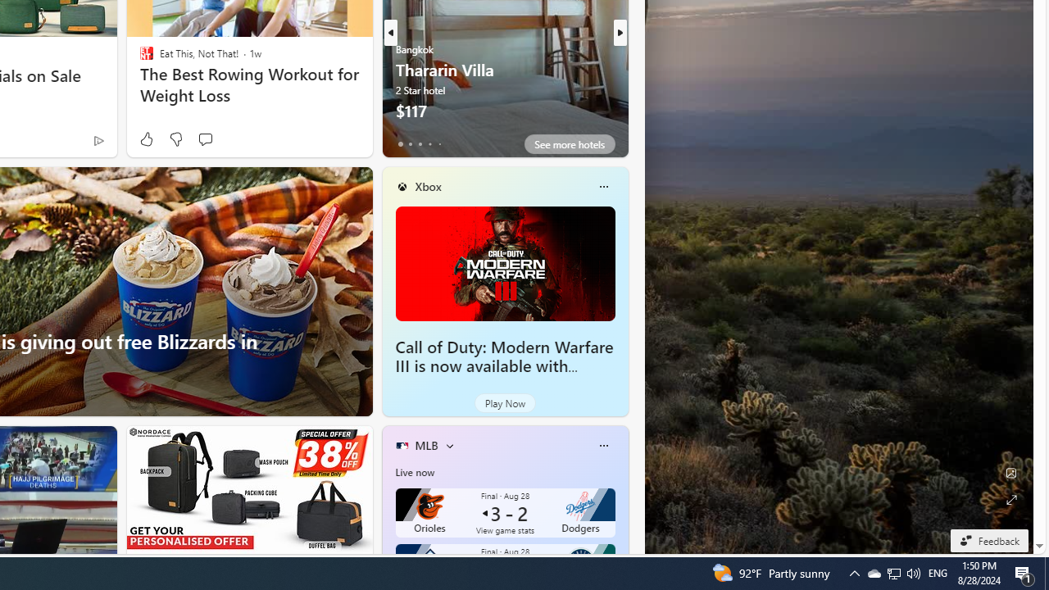 The width and height of the screenshot is (1049, 590). What do you see at coordinates (429, 143) in the screenshot?
I see `'tab-3'` at bounding box center [429, 143].